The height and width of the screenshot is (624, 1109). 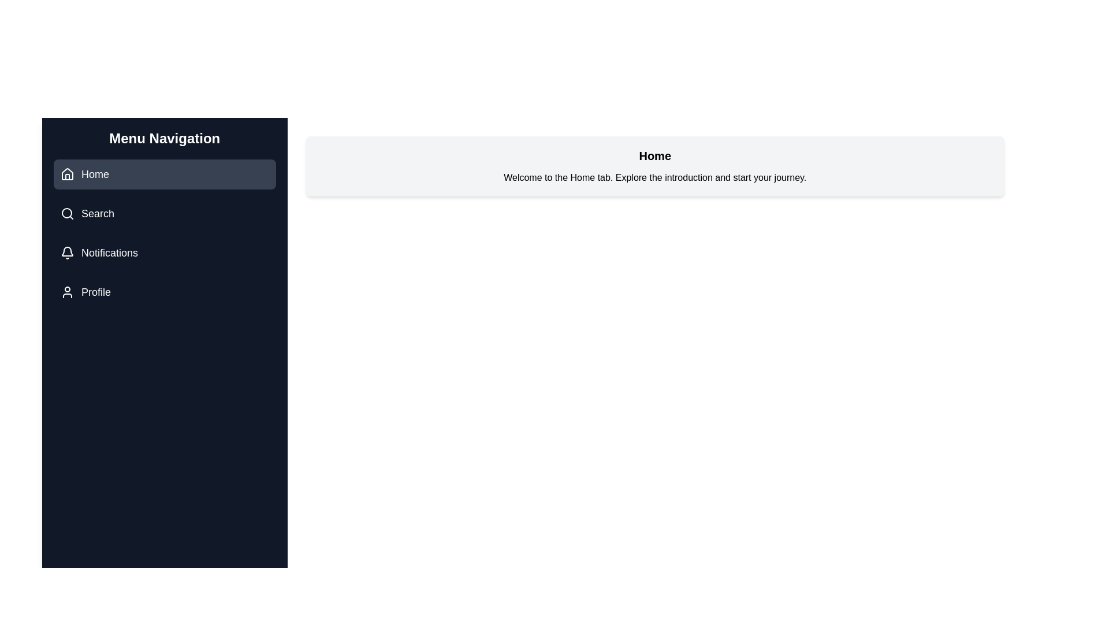 What do you see at coordinates (164, 214) in the screenshot?
I see `the tab labeled Search to view its content` at bounding box center [164, 214].